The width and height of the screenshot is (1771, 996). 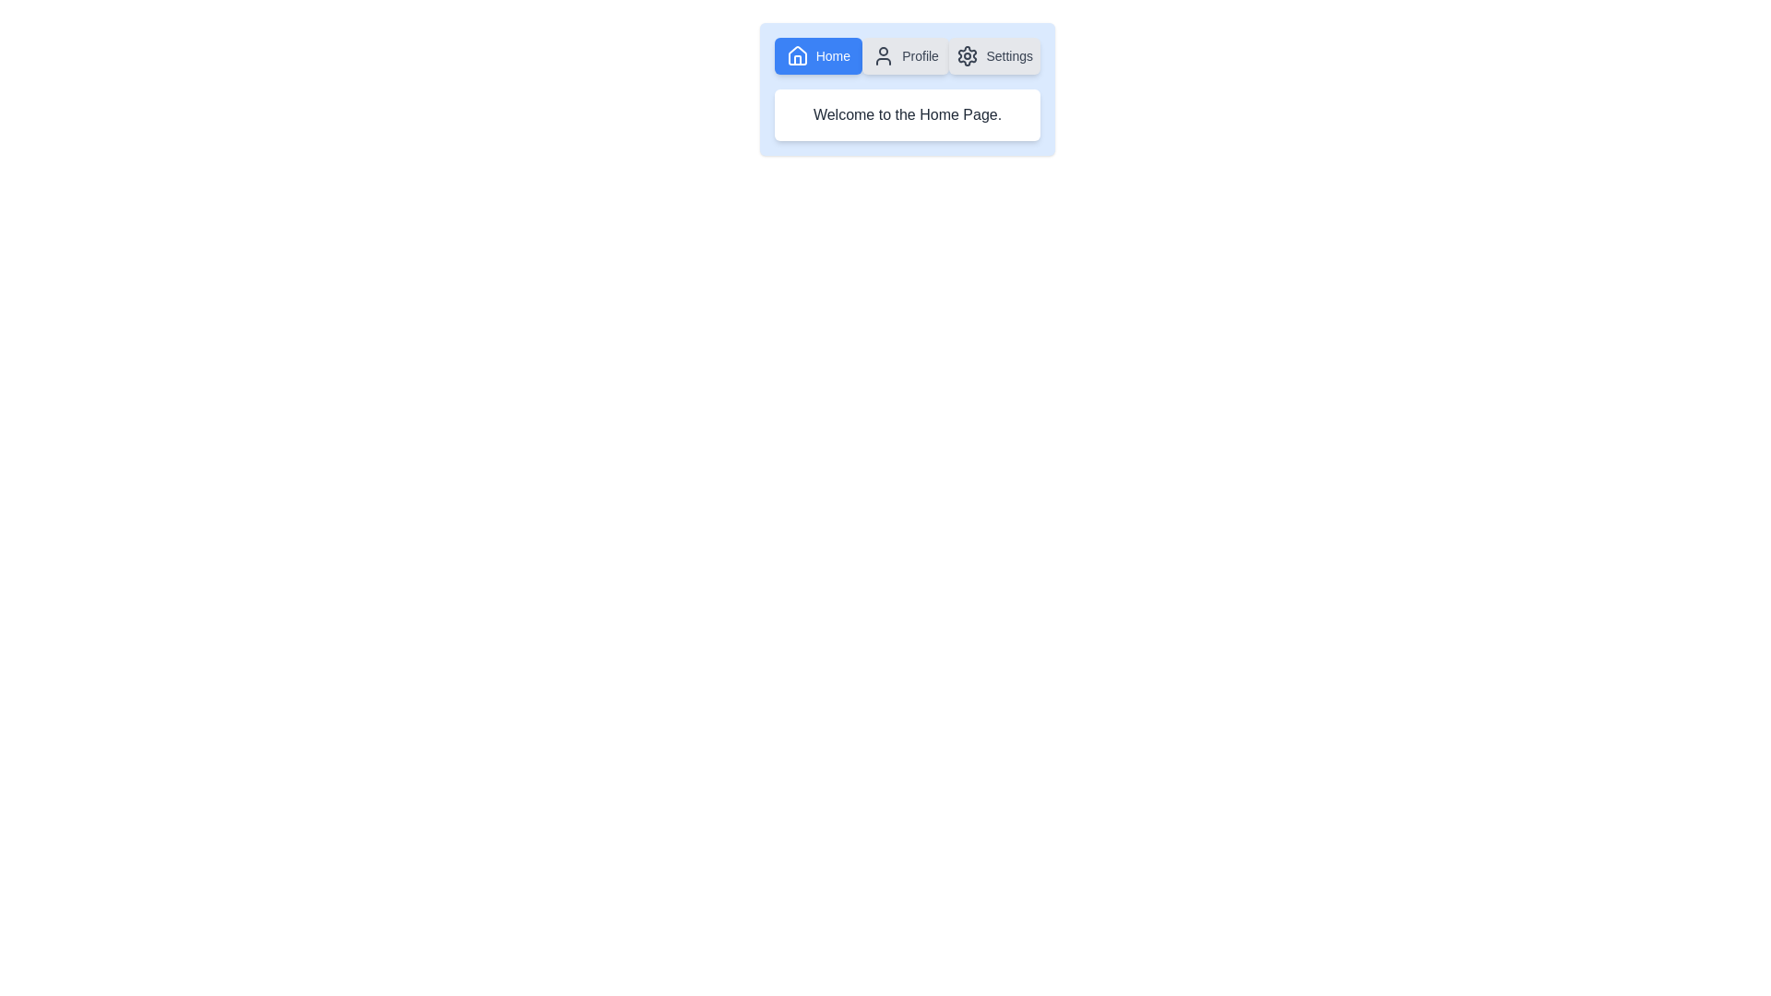 What do you see at coordinates (906, 55) in the screenshot?
I see `the 'Profile' button, which is a rectangular button with a light gray background and a profile icon` at bounding box center [906, 55].